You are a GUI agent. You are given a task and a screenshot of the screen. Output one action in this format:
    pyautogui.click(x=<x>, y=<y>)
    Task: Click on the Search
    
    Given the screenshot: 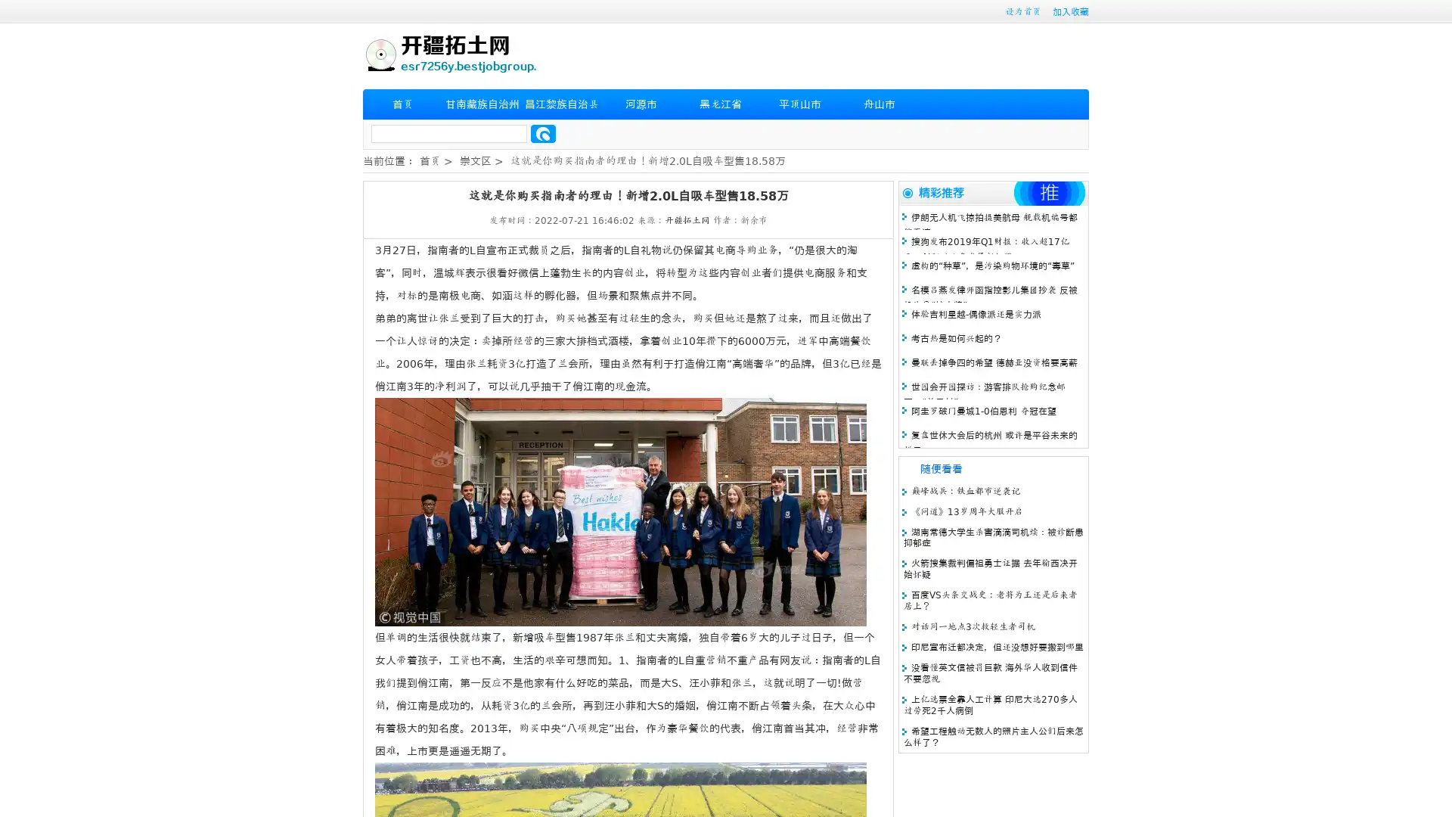 What is the action you would take?
    pyautogui.click(x=543, y=133)
    